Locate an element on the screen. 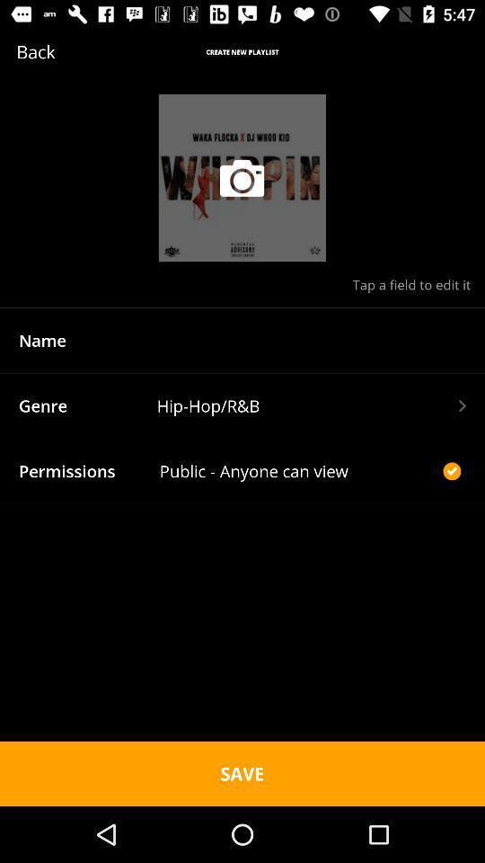 The image size is (485, 863). the icon next to create new playlist is located at coordinates (62, 50).